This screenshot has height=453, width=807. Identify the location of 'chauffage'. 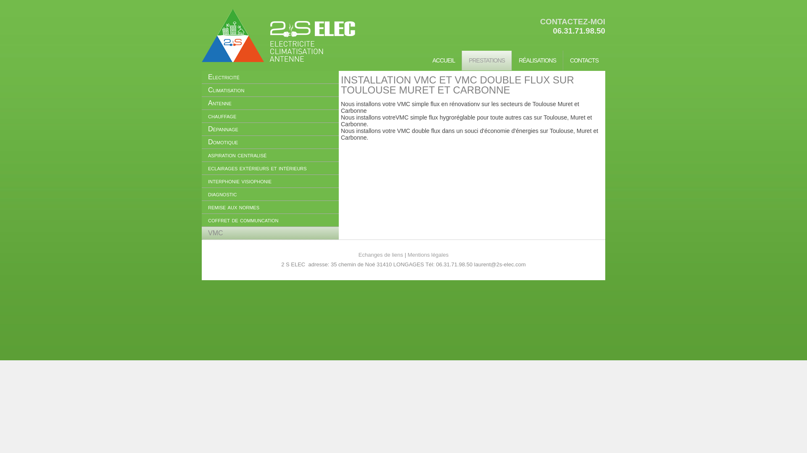
(270, 116).